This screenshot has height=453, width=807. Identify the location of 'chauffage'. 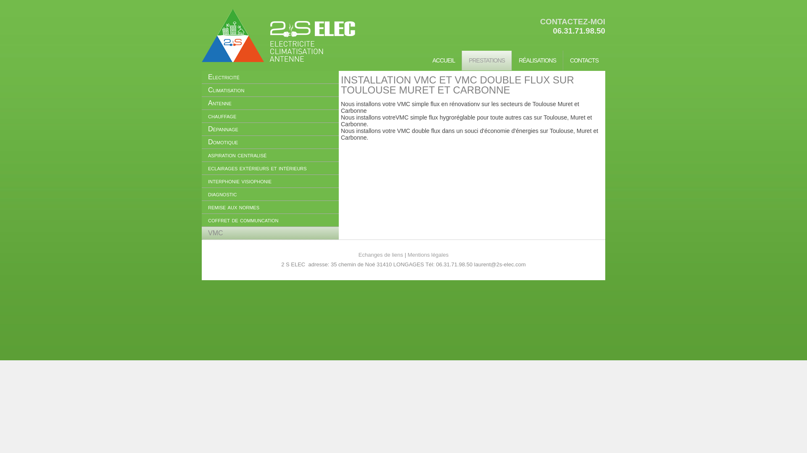
(270, 116).